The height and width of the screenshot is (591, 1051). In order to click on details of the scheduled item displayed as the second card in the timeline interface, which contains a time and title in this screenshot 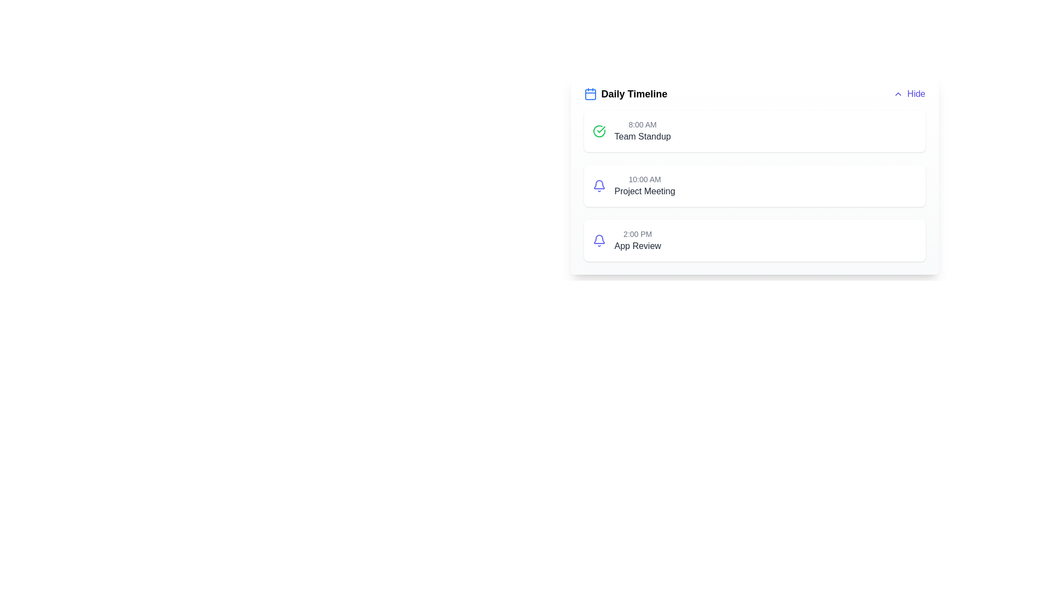, I will do `click(645, 185)`.